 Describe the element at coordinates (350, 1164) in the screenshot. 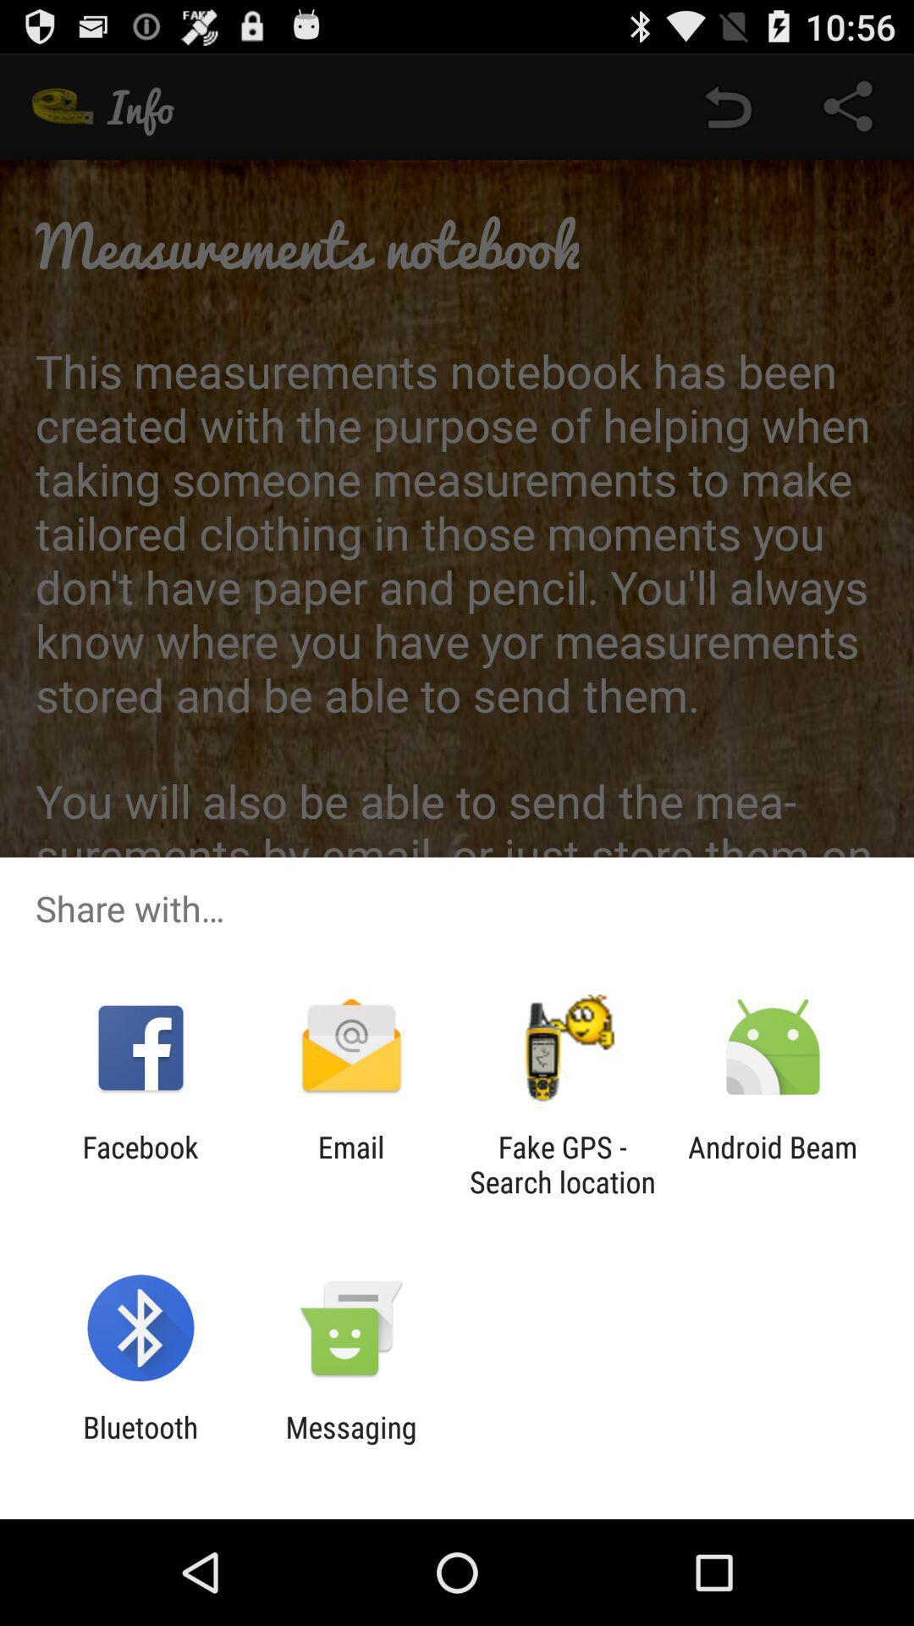

I see `the item next to the facebook` at that location.